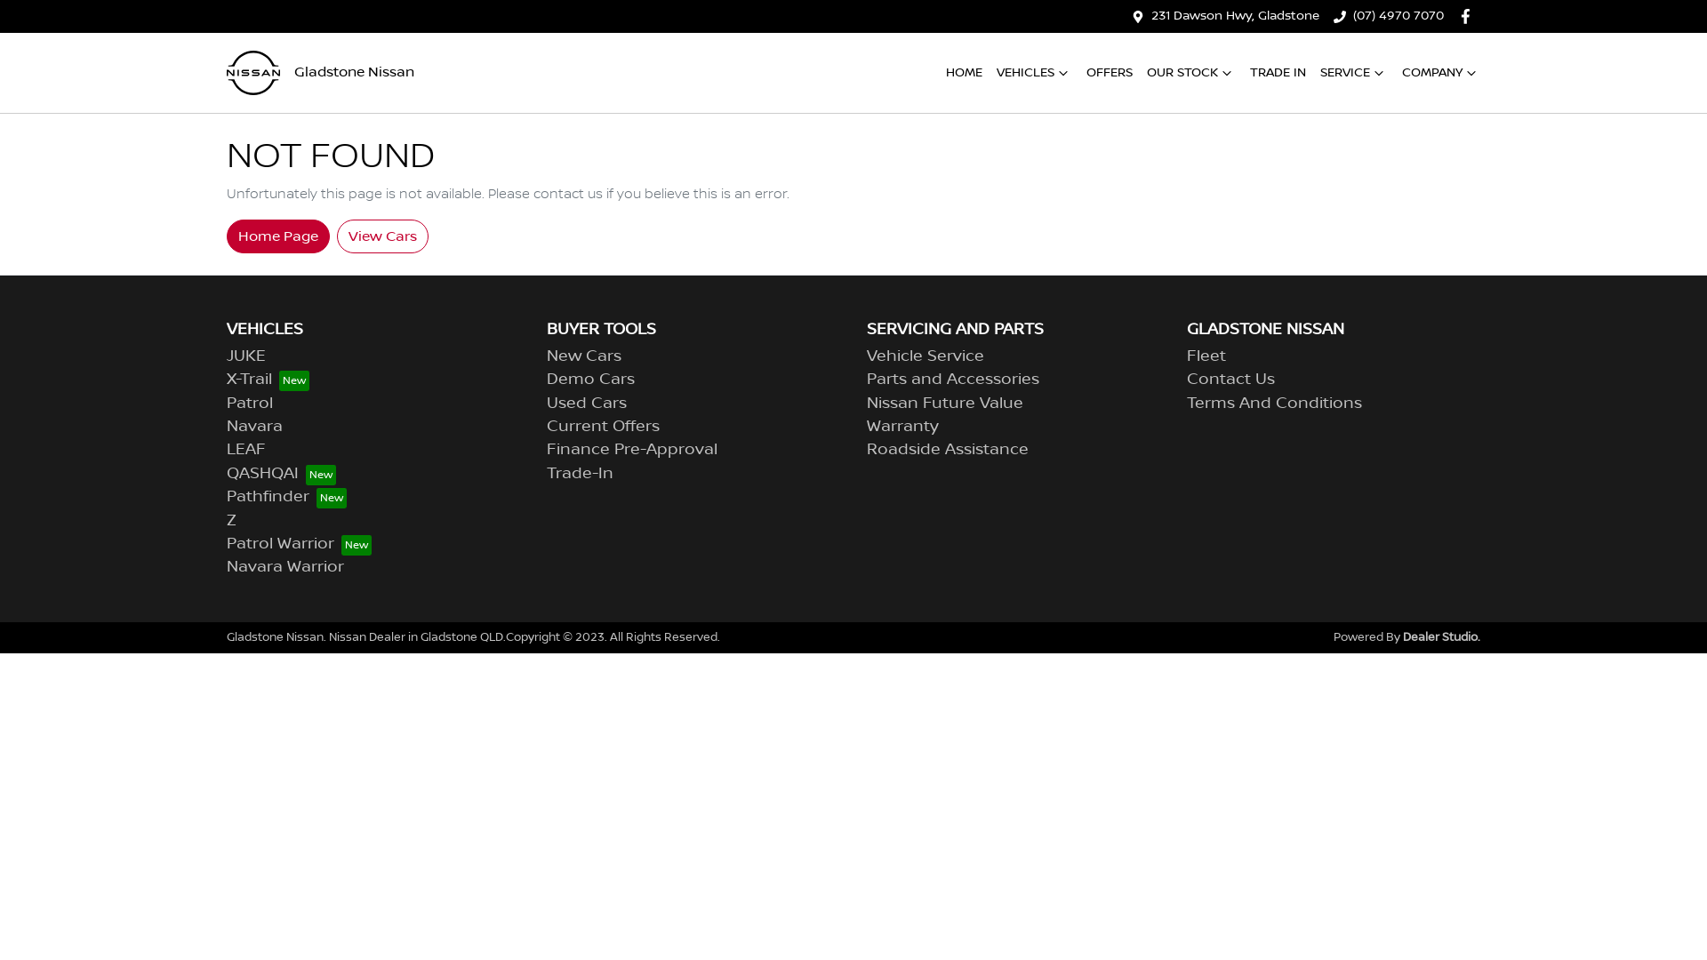 The height and width of the screenshot is (960, 1707). What do you see at coordinates (590, 379) in the screenshot?
I see `'Demo Cars'` at bounding box center [590, 379].